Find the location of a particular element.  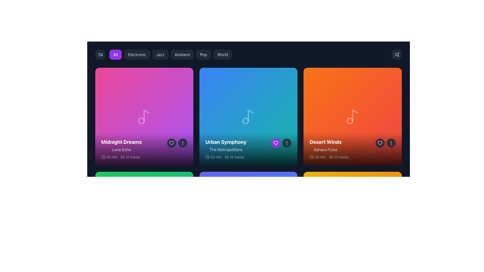

the text with the clock icon displaying '38 min' located in the 'Desert Winds' music card in the second row of the grid layout is located at coordinates (317, 157).